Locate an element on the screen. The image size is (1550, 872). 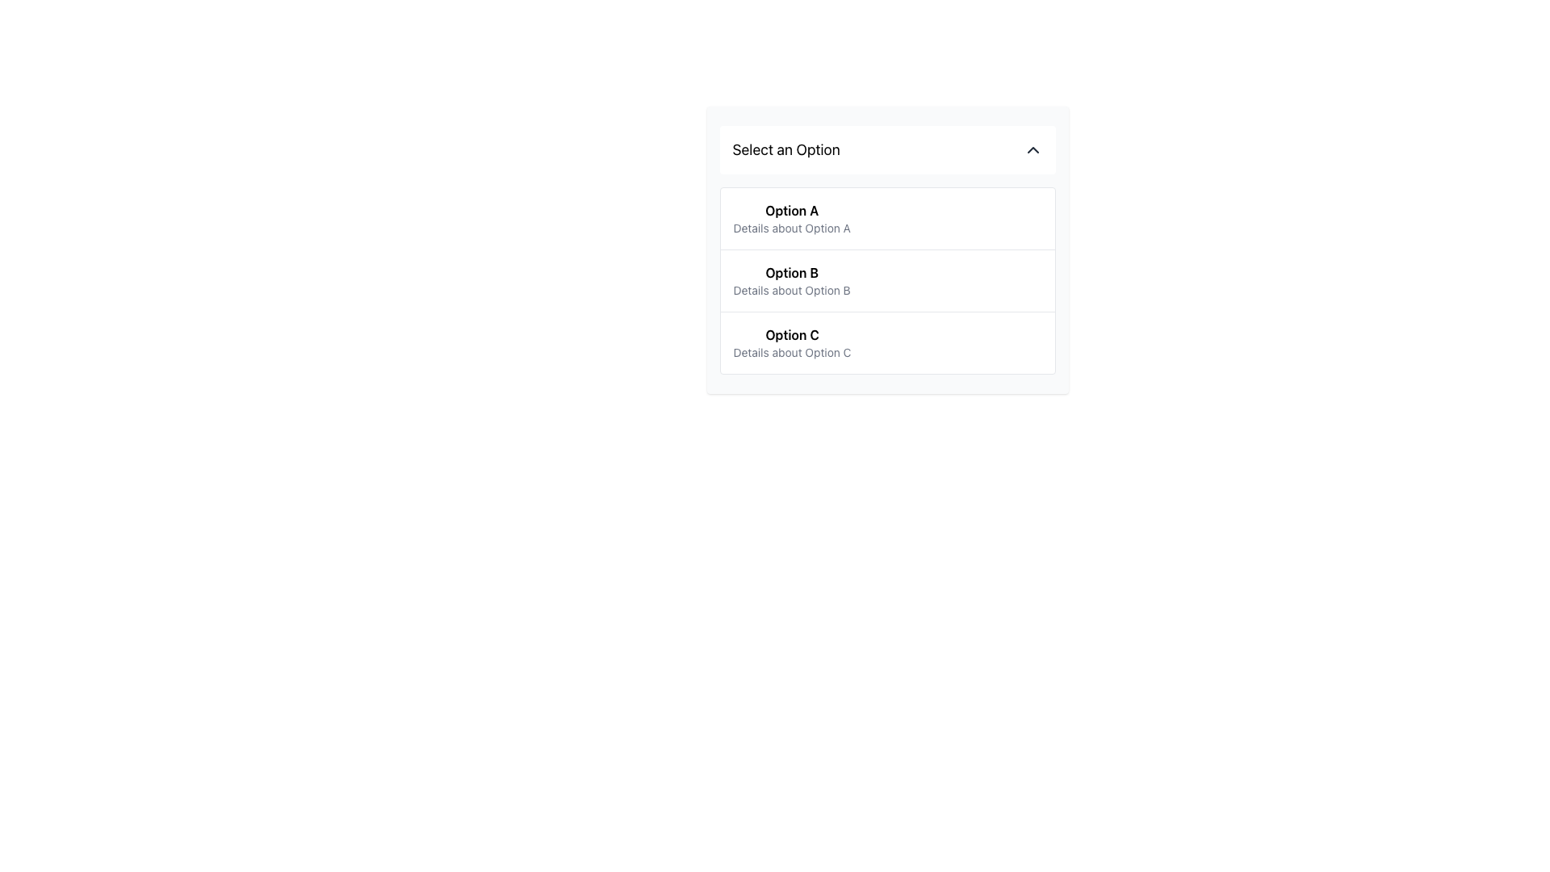
the Text Label that prompts the user to select an option from the dropdown menu, positioned towards the left in a horizontal flexbox layout is located at coordinates (786, 149).